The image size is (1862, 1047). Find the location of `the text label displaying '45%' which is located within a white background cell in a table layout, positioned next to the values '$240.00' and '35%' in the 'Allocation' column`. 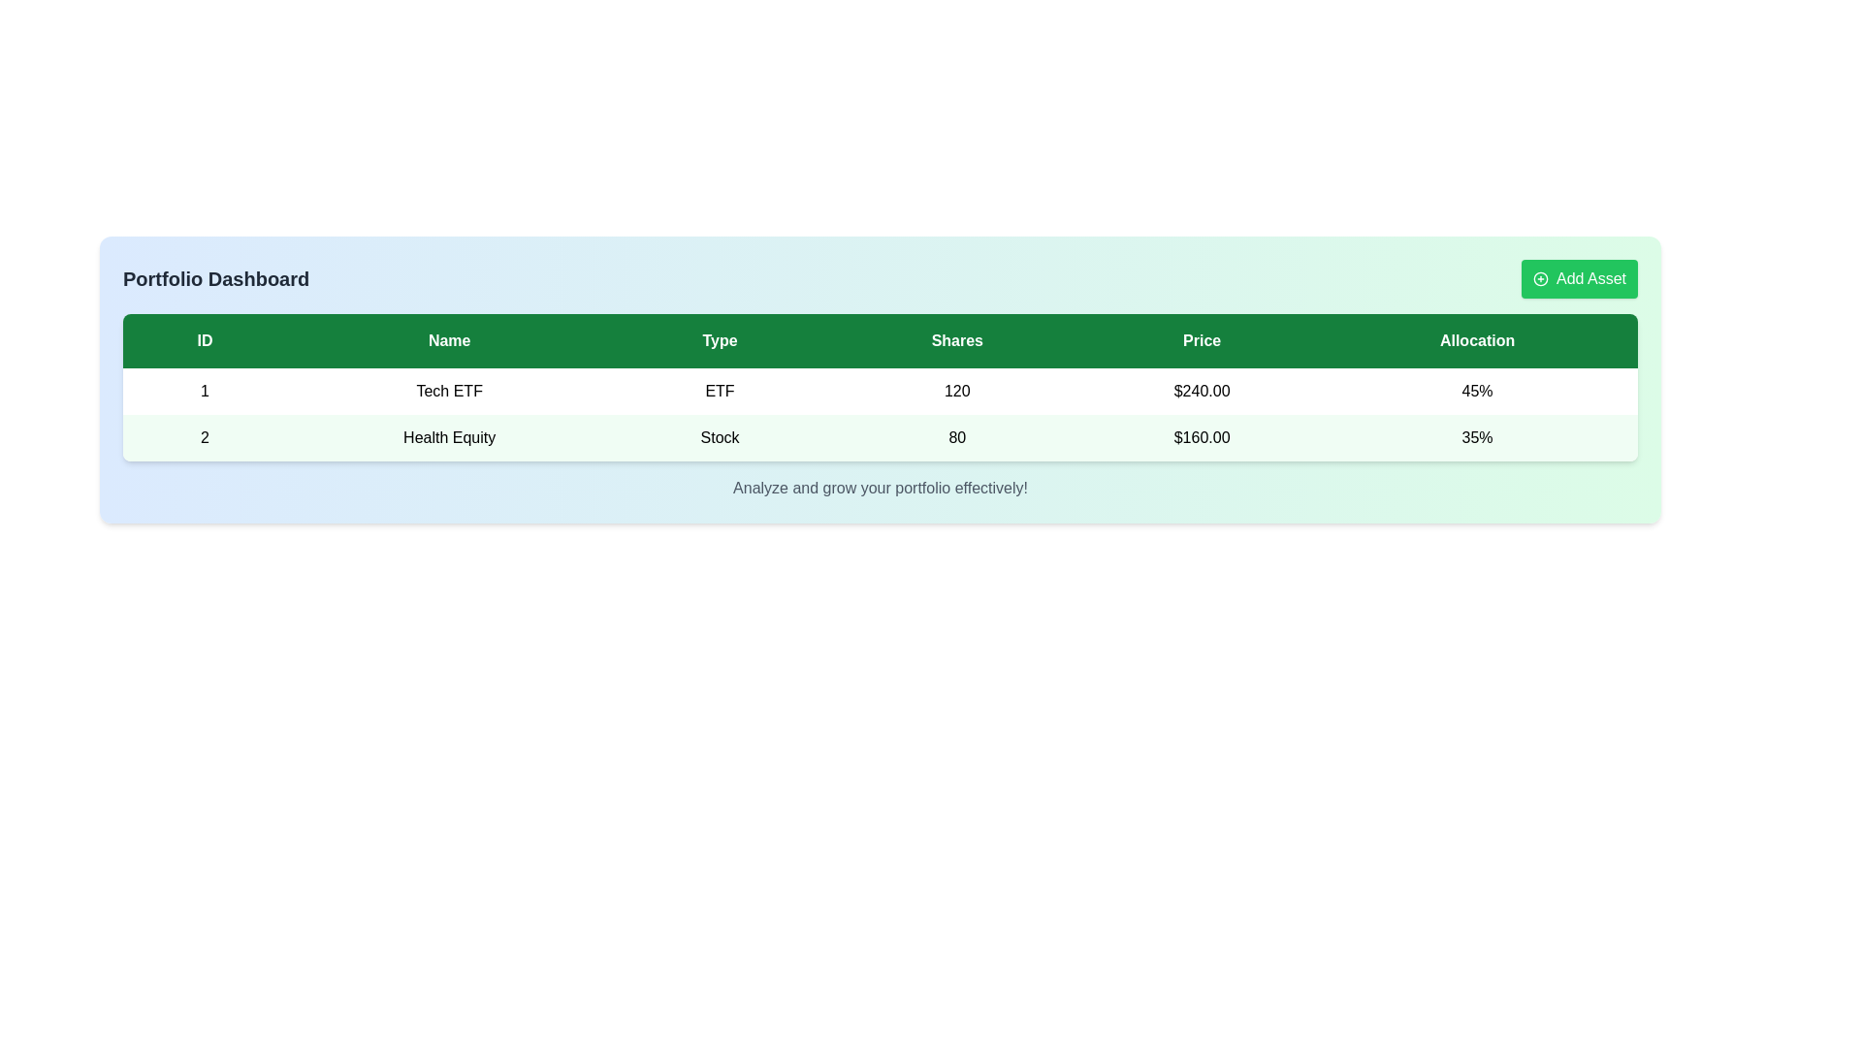

the text label displaying '45%' which is located within a white background cell in a table layout, positioned next to the values '$240.00' and '35%' in the 'Allocation' column is located at coordinates (1476, 392).